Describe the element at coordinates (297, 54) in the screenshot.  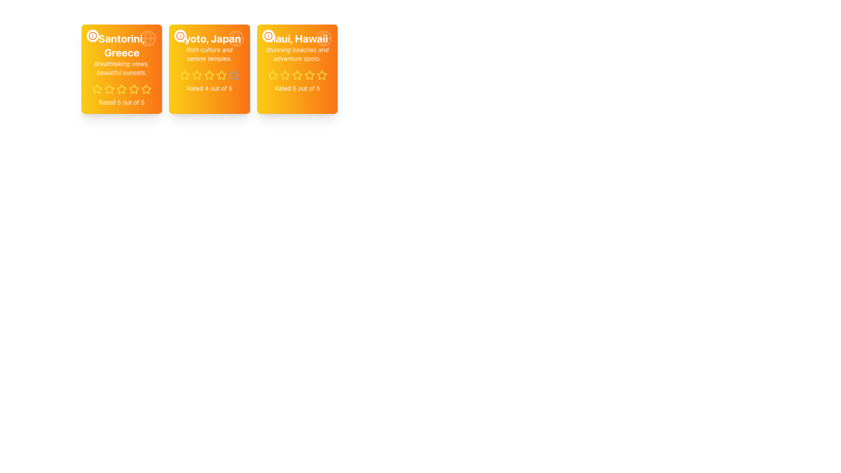
I see `the content of the descriptive text located directly below the title 'Maui, Hawaii' within the third card in a horizontal row` at that location.